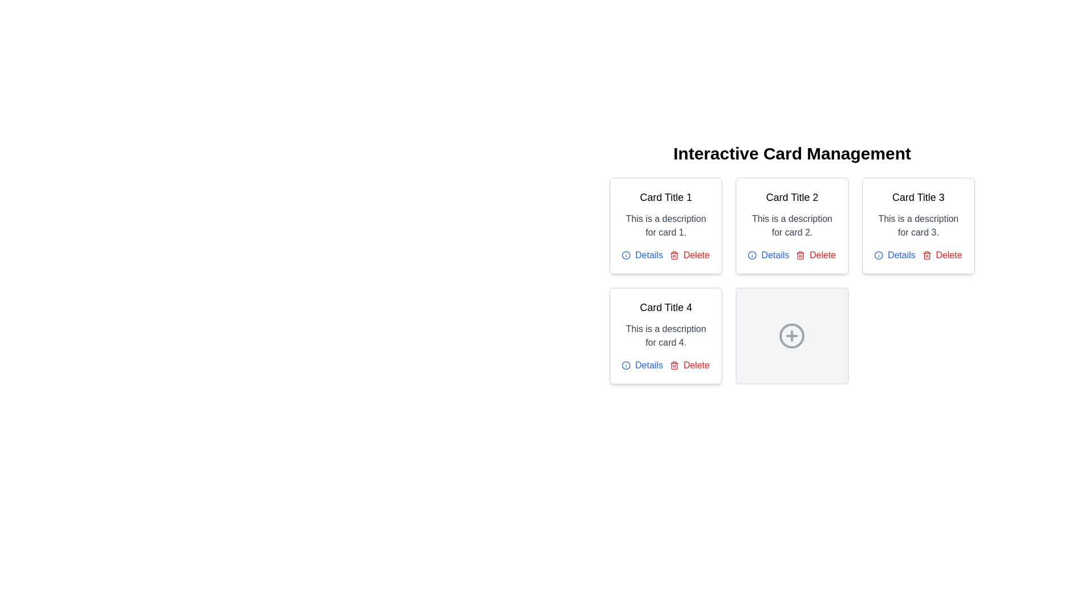 This screenshot has width=1090, height=613. Describe the element at coordinates (791, 335) in the screenshot. I see `the button located in the bottom-right corner of the grid layout, below 'Card Title 4', to change its color` at that location.